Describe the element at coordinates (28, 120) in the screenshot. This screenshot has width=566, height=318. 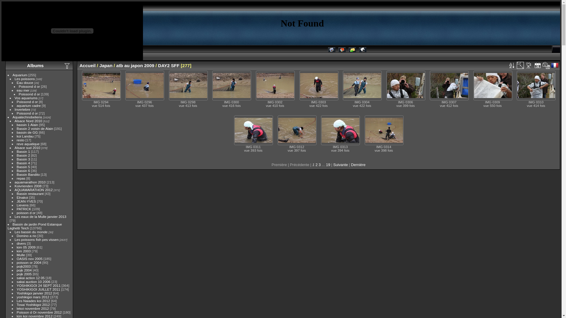
I see `'Alsace Nord 2010'` at that location.